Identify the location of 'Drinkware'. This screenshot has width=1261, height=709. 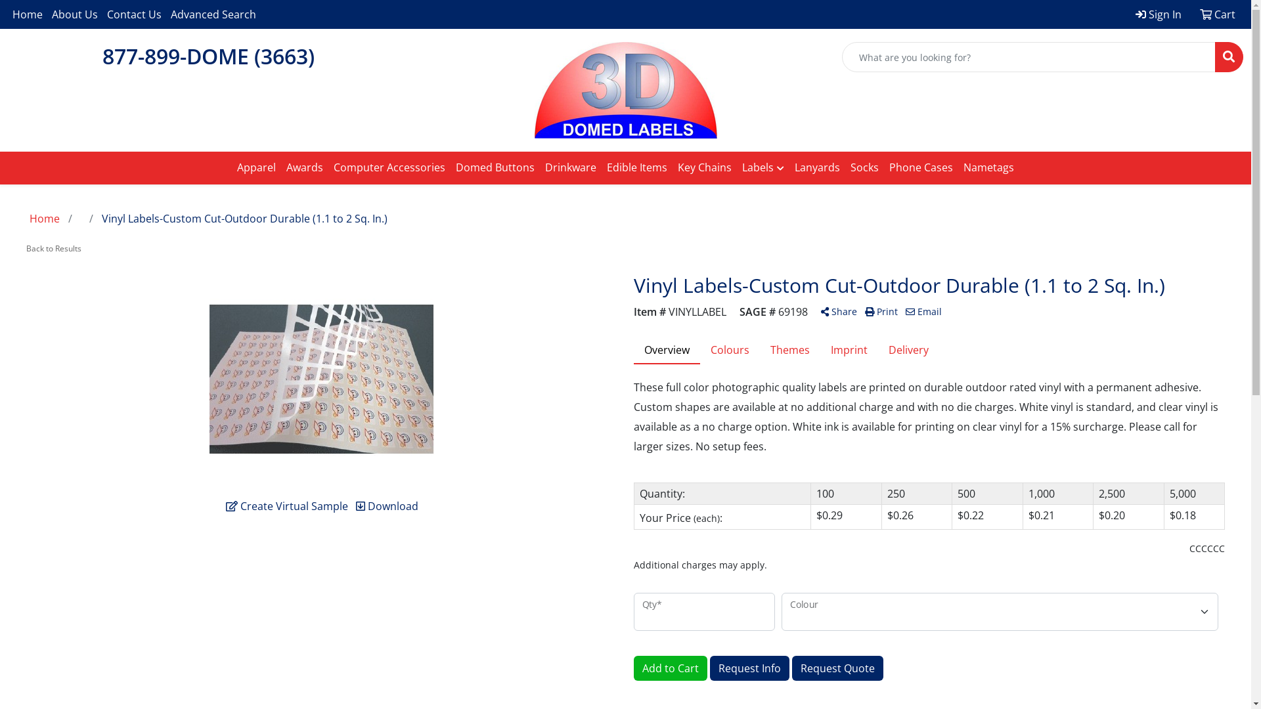
(570, 166).